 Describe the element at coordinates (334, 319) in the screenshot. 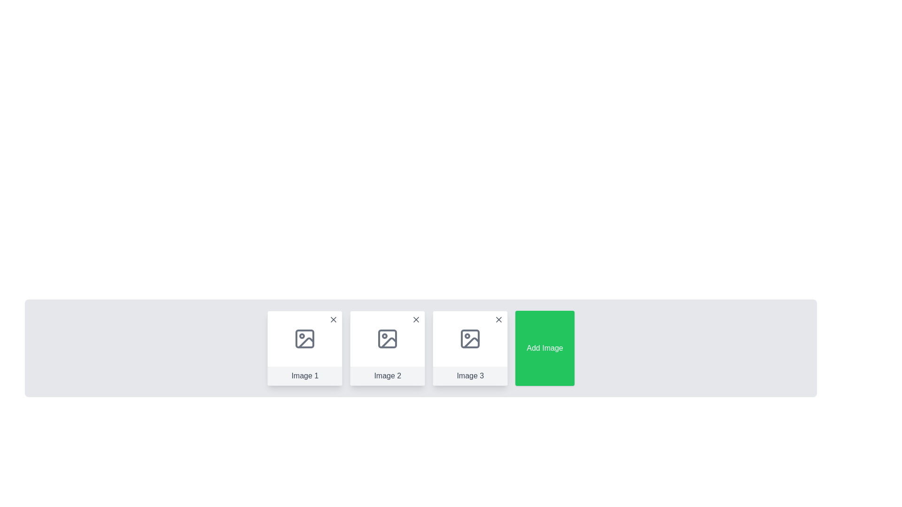

I see `the dismiss button located in the top right corner of the 'Image 1' card` at that location.